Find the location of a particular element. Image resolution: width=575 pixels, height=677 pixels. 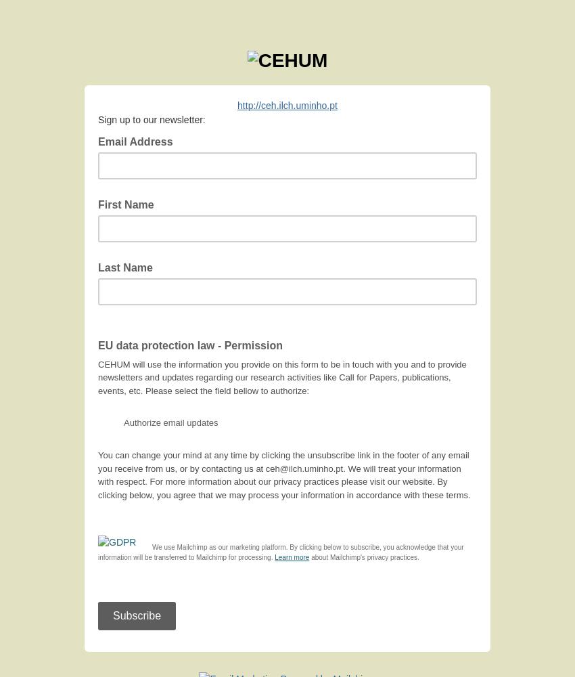

'Authorize email updates' is located at coordinates (170, 422).